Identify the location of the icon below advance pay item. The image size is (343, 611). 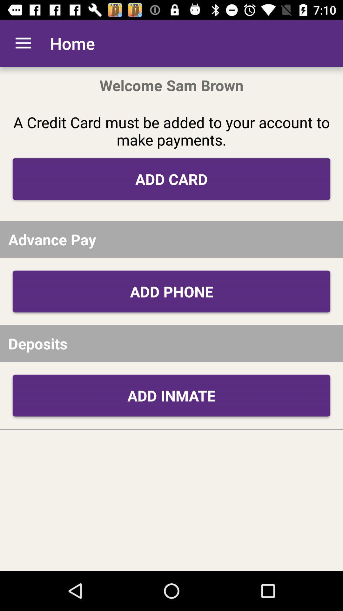
(171, 291).